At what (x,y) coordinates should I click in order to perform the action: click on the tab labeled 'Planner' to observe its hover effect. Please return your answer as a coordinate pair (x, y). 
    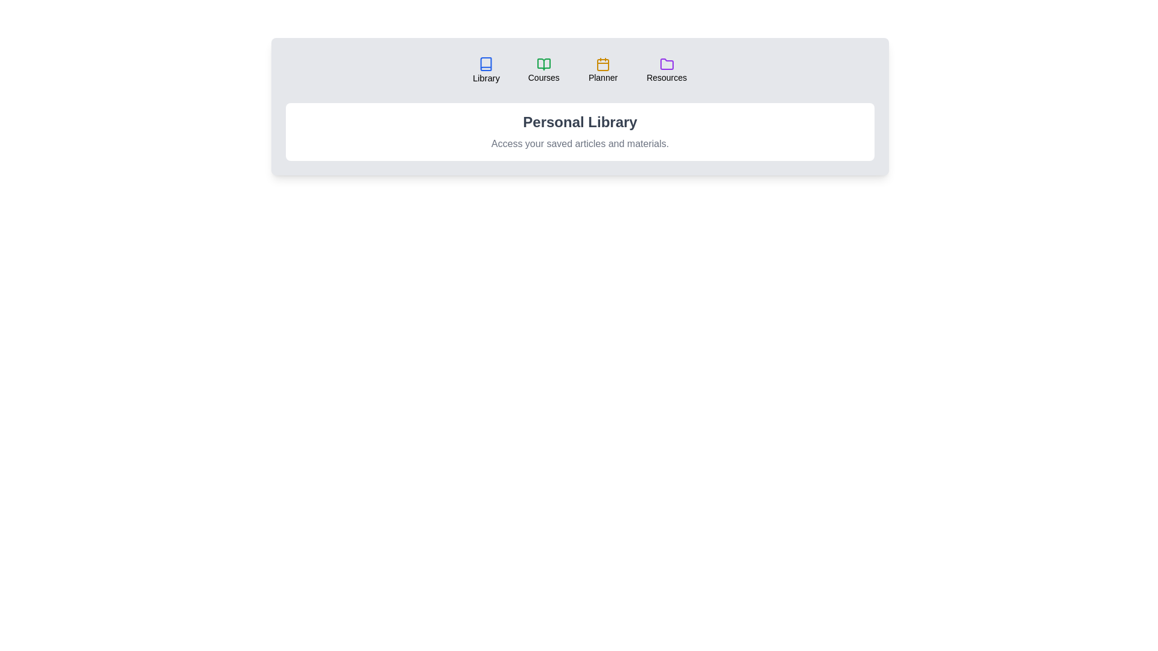
    Looking at the image, I should click on (603, 70).